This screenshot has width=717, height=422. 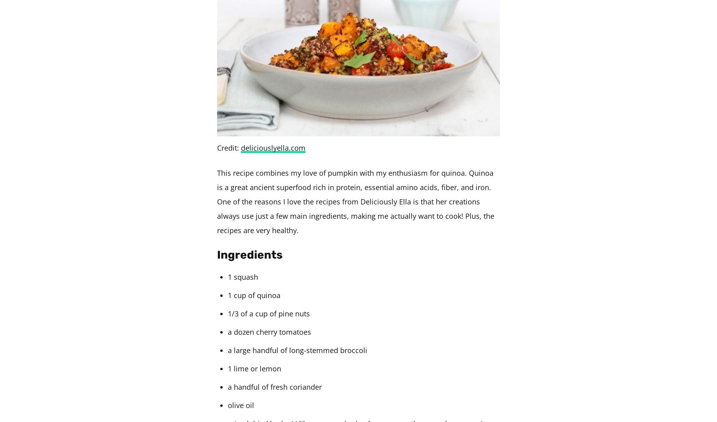 What do you see at coordinates (228, 277) in the screenshot?
I see `'1 squash'` at bounding box center [228, 277].